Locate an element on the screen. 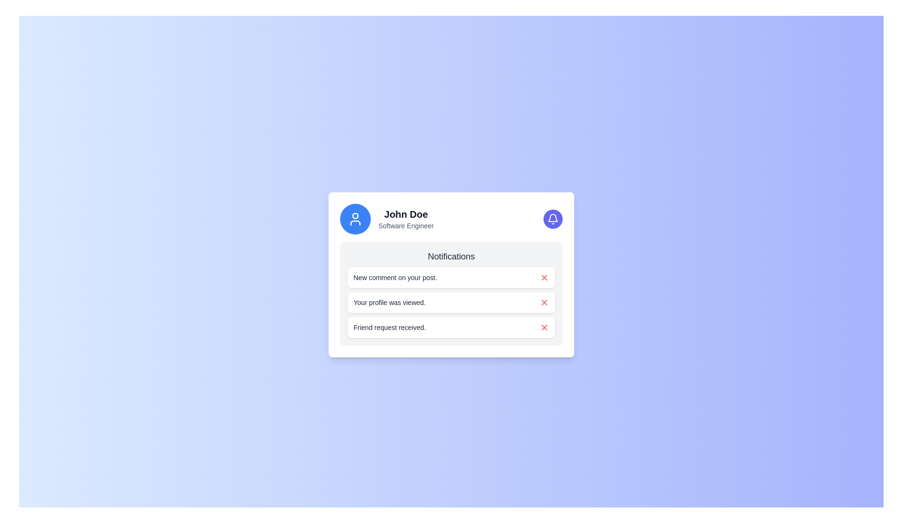 This screenshot has width=921, height=518. the bell-shaped notification icon located at the top-right corner of the notification card is located at coordinates (553, 219).